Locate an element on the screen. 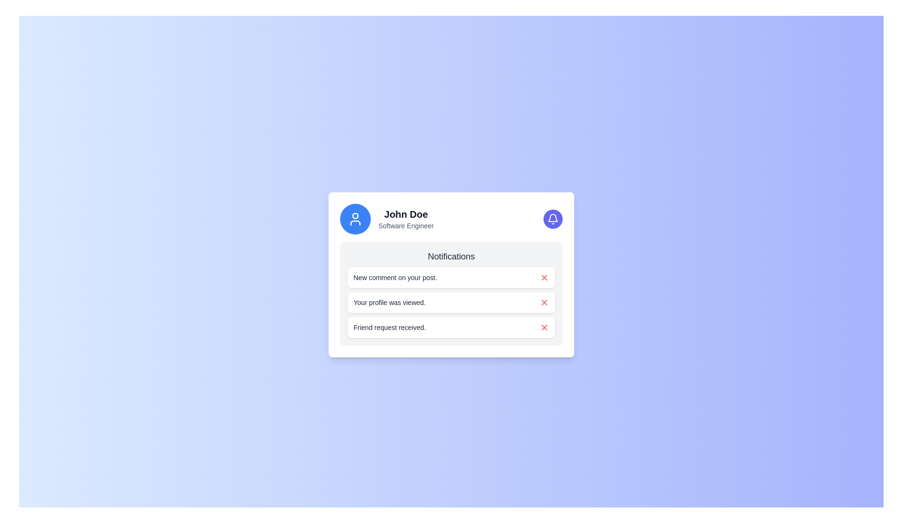 This screenshot has width=921, height=518. the bell-shaped notification icon located at the top-right corner of the notification card is located at coordinates (553, 219).